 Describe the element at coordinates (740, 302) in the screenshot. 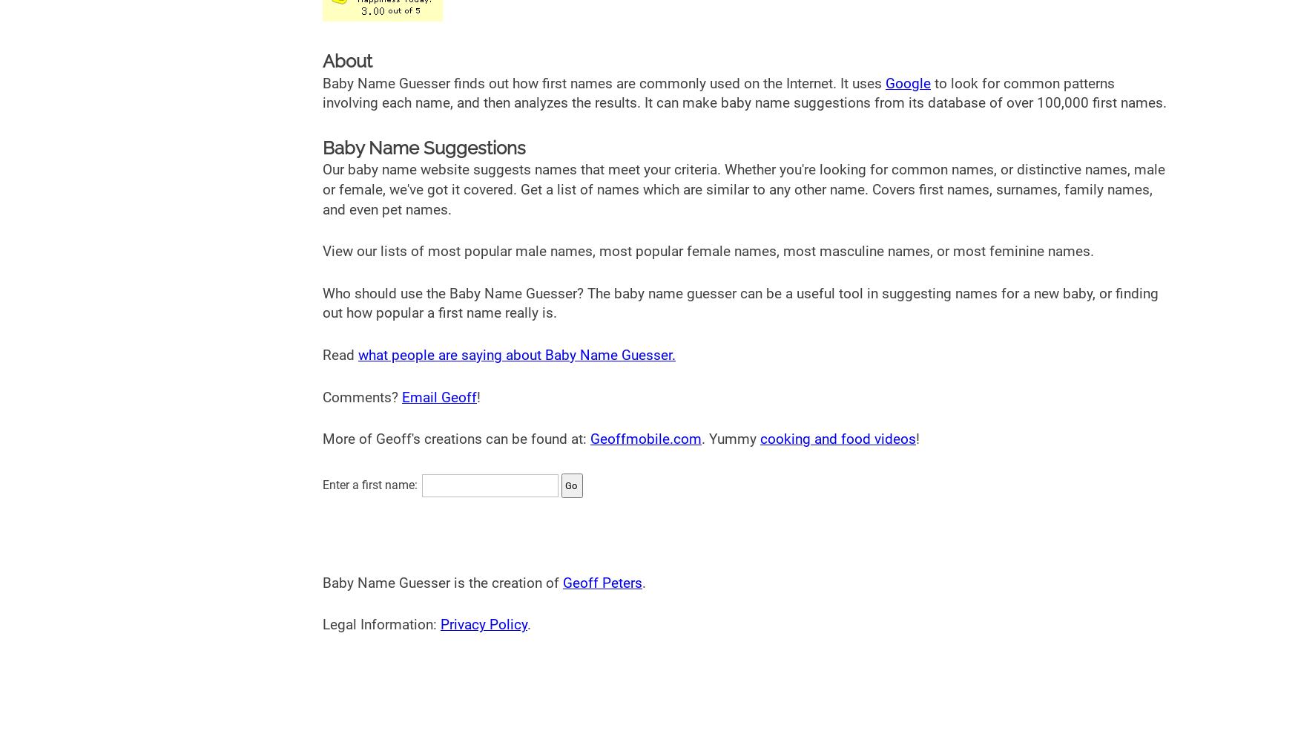

I see `'Who should use the Baby Name Guesser? The baby name guesser can be a useful tool in suggesting names for a new baby, or finding out how popular a first name really is.'` at that location.